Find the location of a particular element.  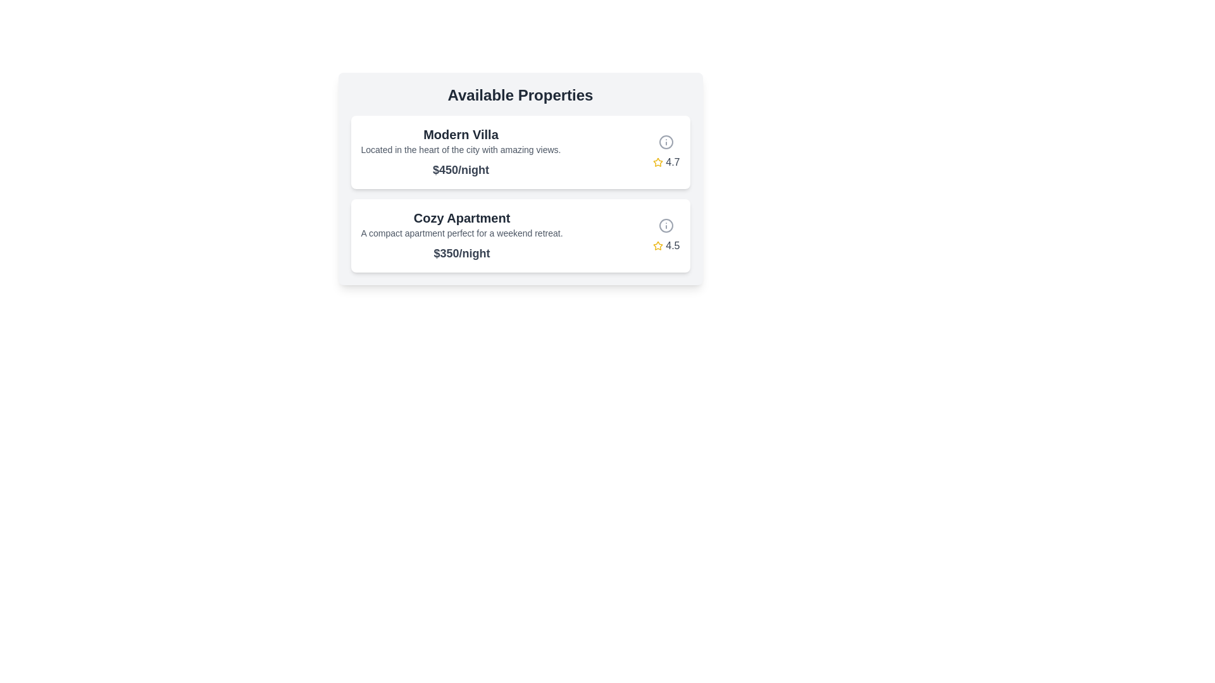

text label 'Available Properties' located at the top of the content card, styled in dark gray and bold is located at coordinates (520, 94).